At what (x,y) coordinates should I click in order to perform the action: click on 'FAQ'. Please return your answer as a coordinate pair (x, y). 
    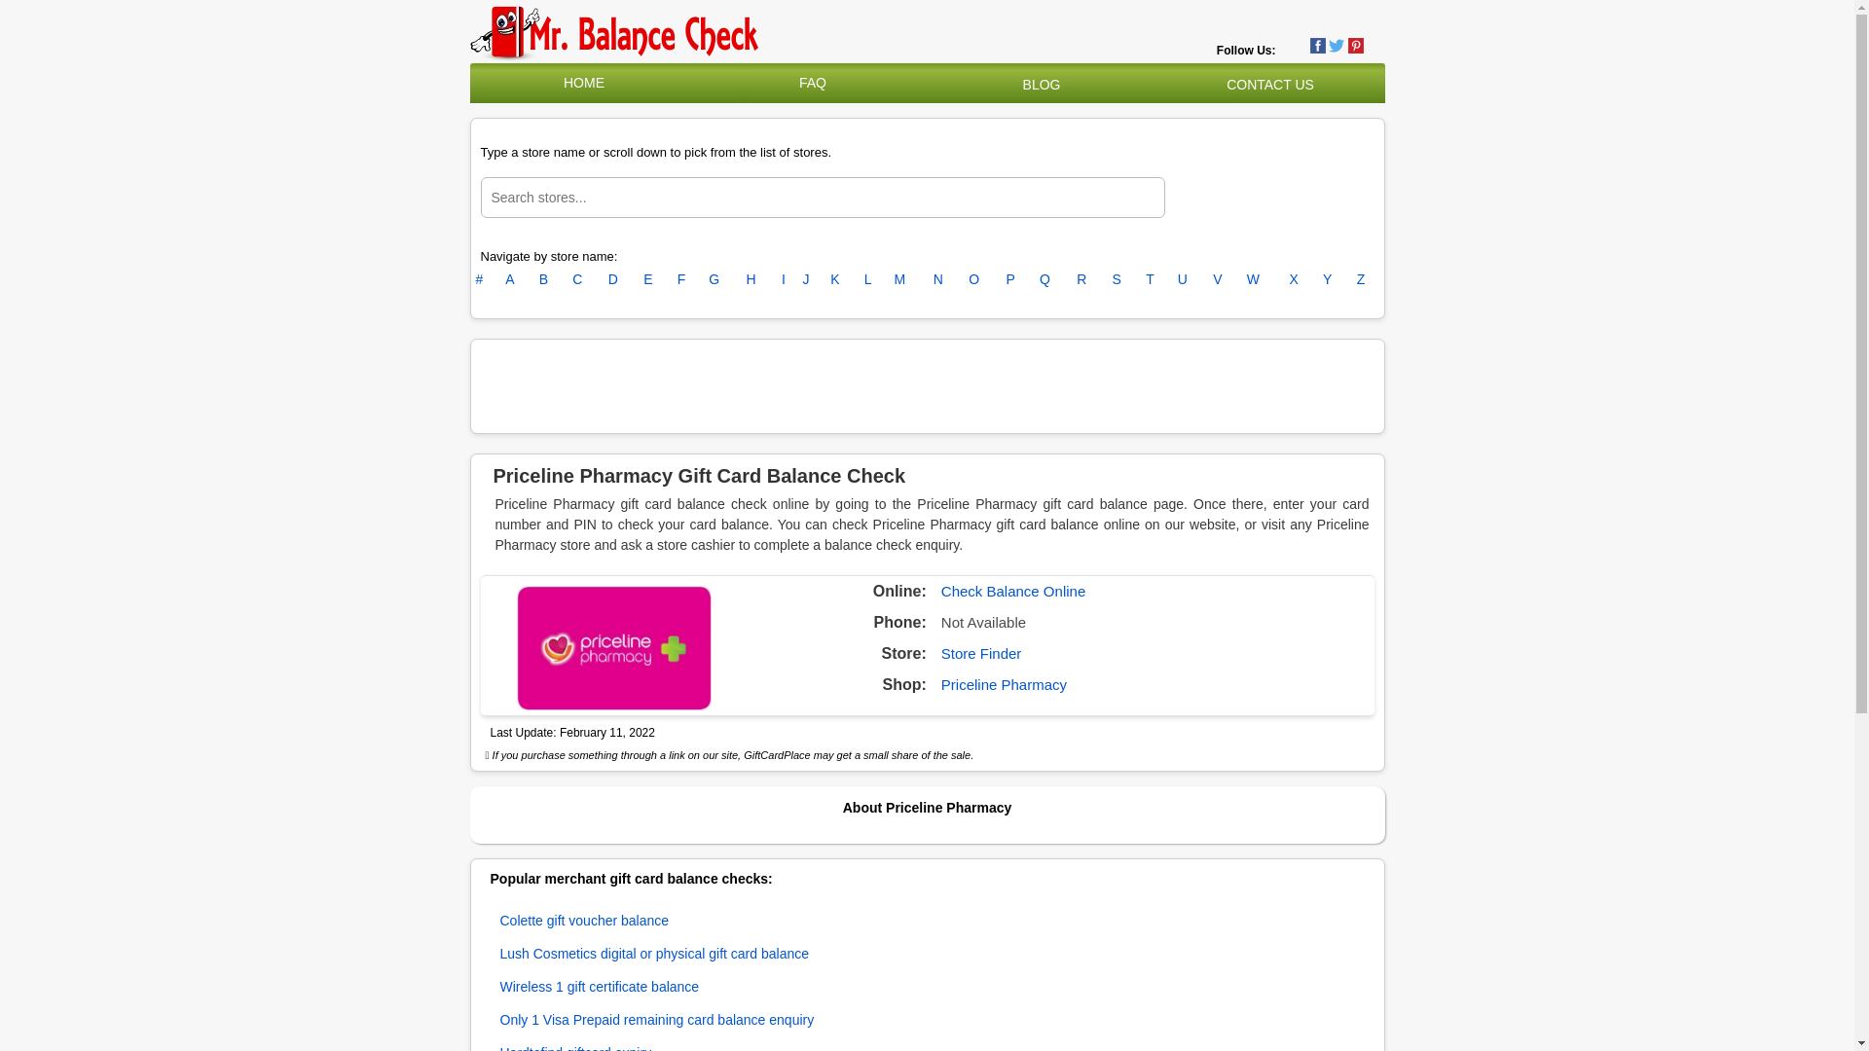
    Looking at the image, I should click on (813, 81).